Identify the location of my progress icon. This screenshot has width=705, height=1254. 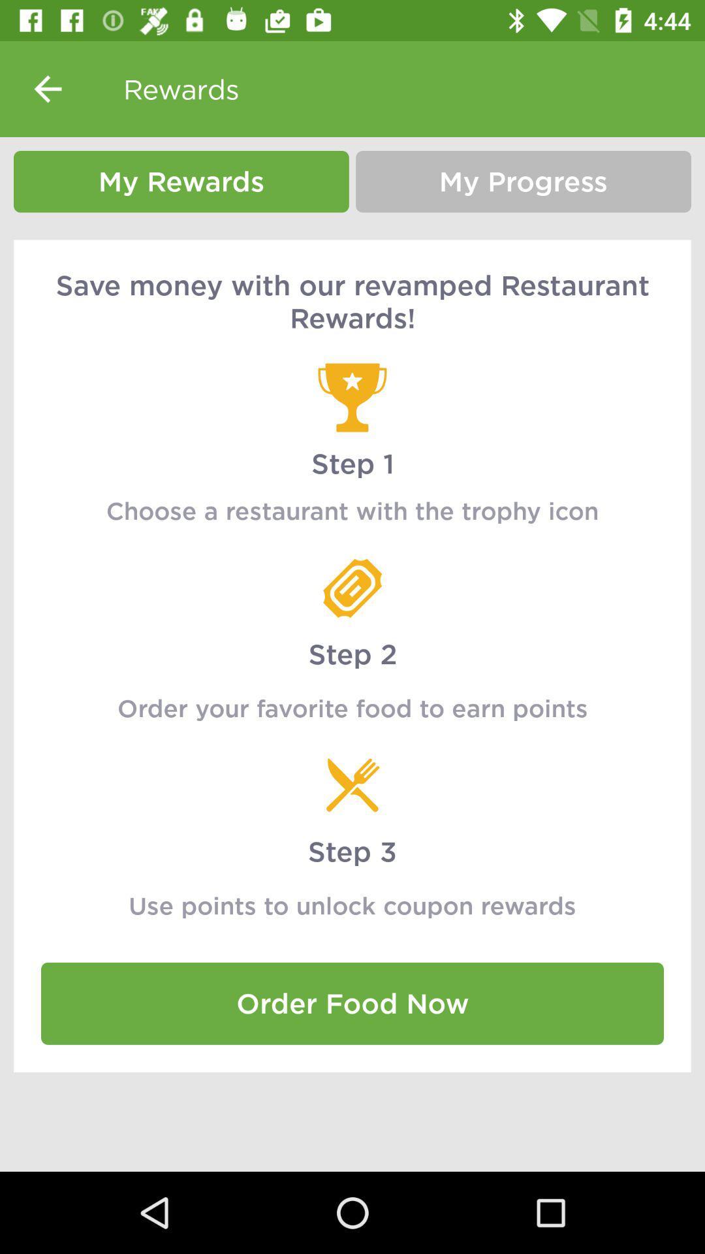
(523, 181).